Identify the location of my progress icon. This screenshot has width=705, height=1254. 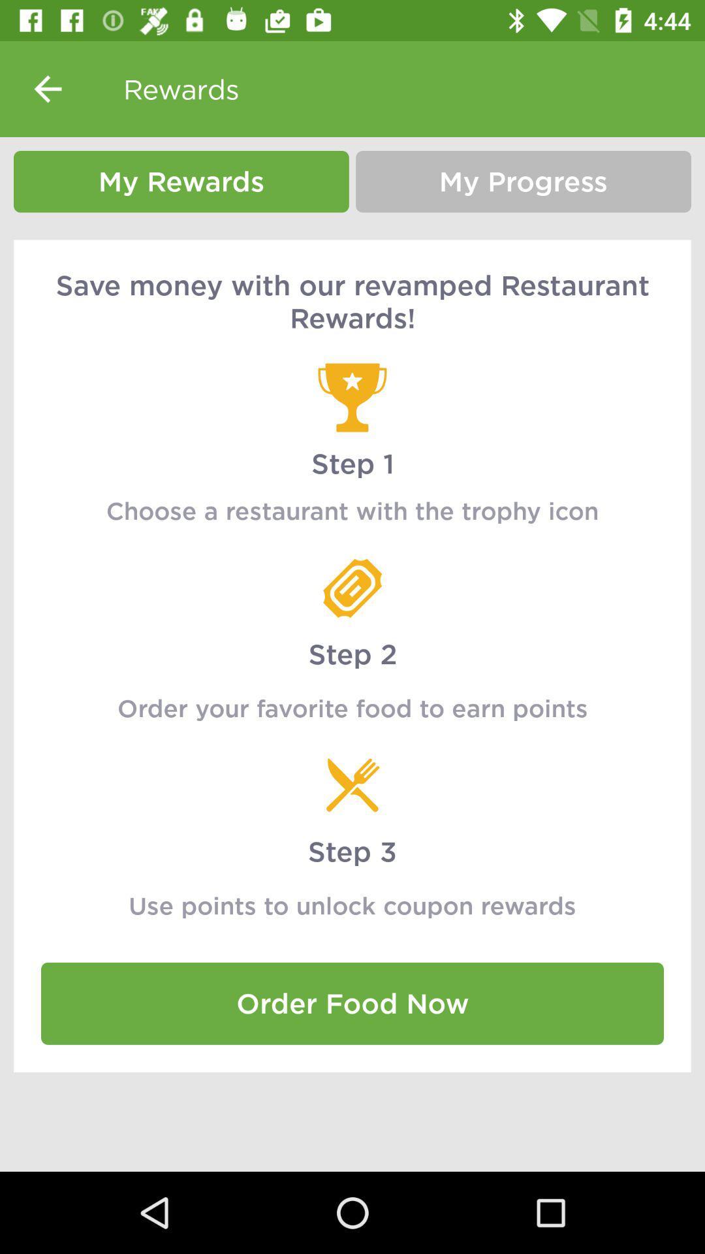
(523, 181).